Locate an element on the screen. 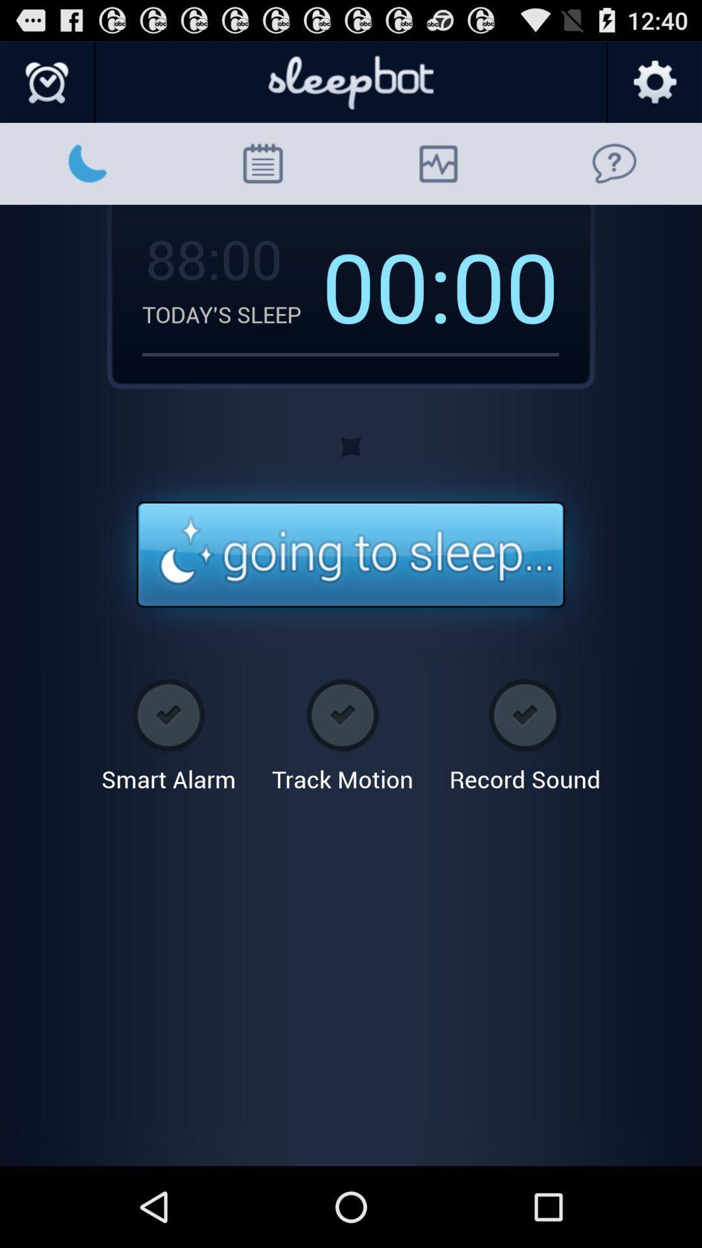 This screenshot has height=1248, width=702. sleep is located at coordinates (350, 555).